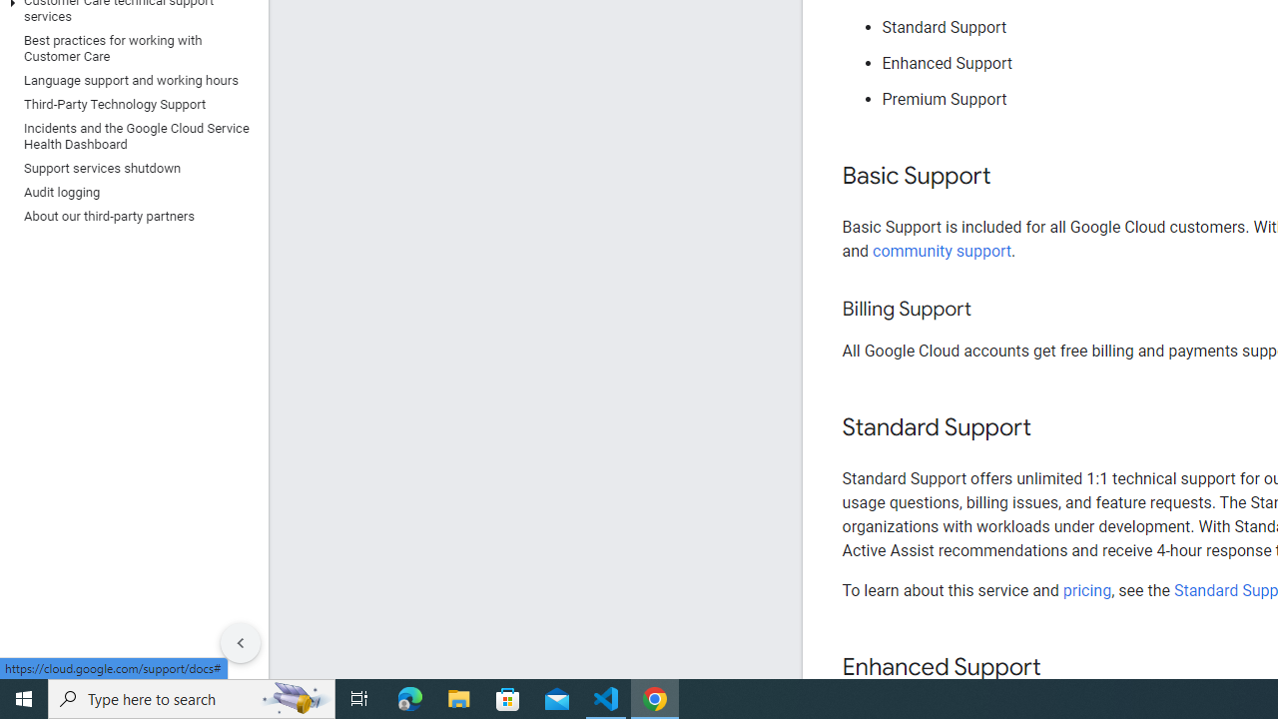 The image size is (1278, 719). Describe the element at coordinates (1050, 427) in the screenshot. I see `'Copy link to this section: Standard Support'` at that location.